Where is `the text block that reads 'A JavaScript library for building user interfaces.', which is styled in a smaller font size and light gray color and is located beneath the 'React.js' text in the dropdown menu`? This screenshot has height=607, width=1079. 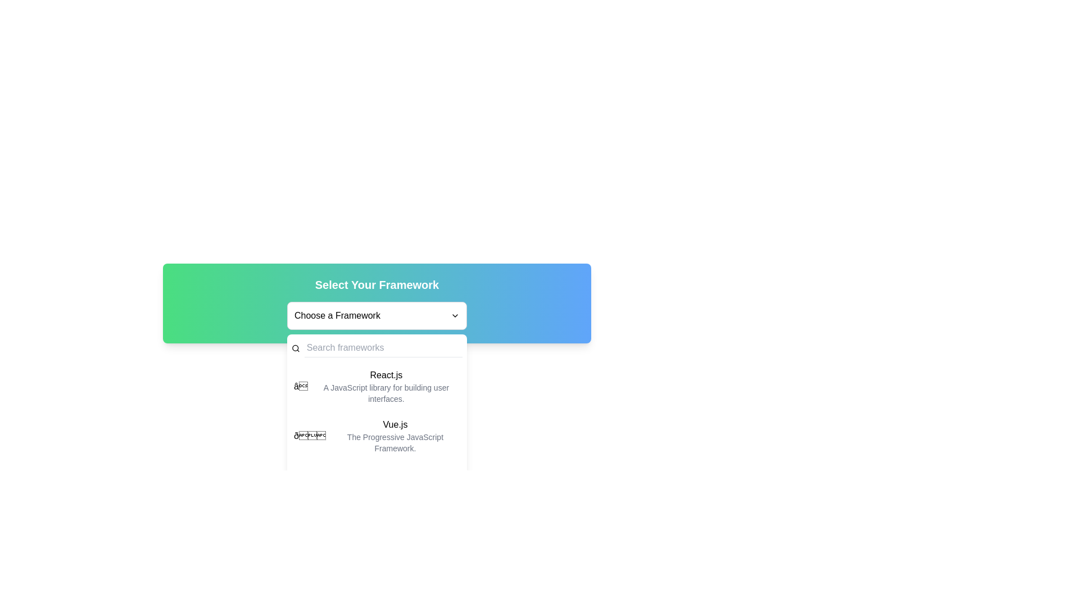 the text block that reads 'A JavaScript library for building user interfaces.', which is styled in a smaller font size and light gray color and is located beneath the 'React.js' text in the dropdown menu is located at coordinates (386, 392).